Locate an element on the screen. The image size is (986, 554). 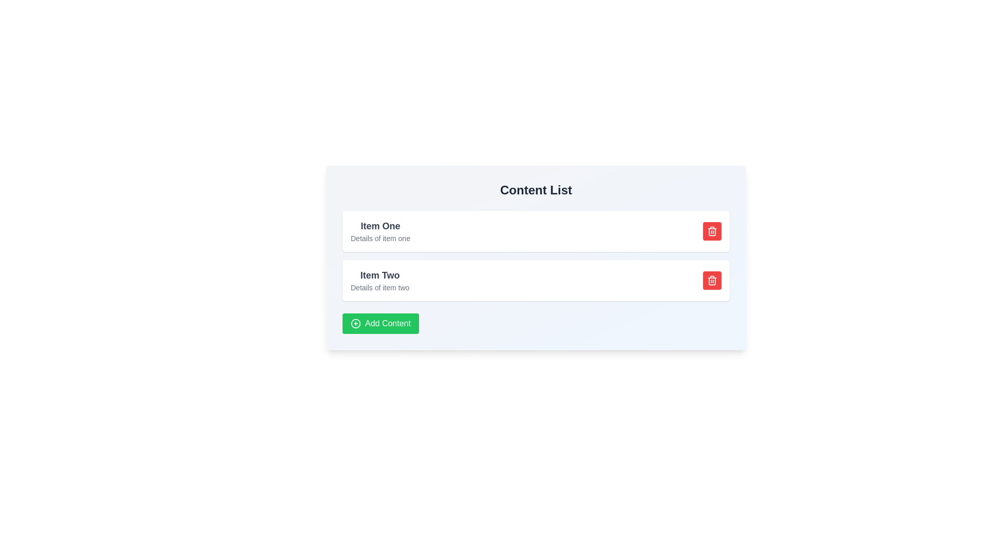
the text label displaying 'Details of item two', which is located under the title 'Item Two' and is styled in gray is located at coordinates (380, 287).